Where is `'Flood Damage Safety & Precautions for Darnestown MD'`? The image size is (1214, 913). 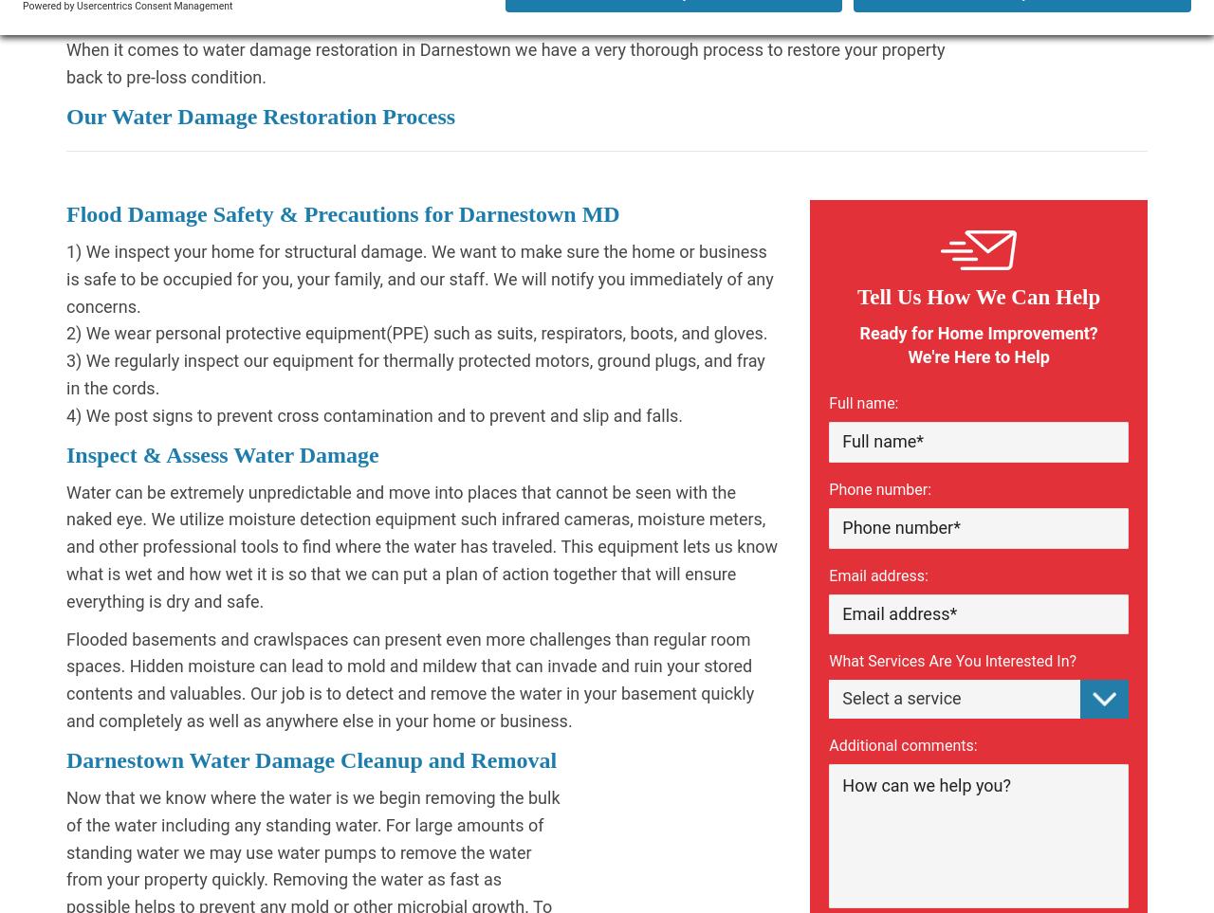 'Flood Damage Safety & Precautions for Darnestown MD' is located at coordinates (342, 212).